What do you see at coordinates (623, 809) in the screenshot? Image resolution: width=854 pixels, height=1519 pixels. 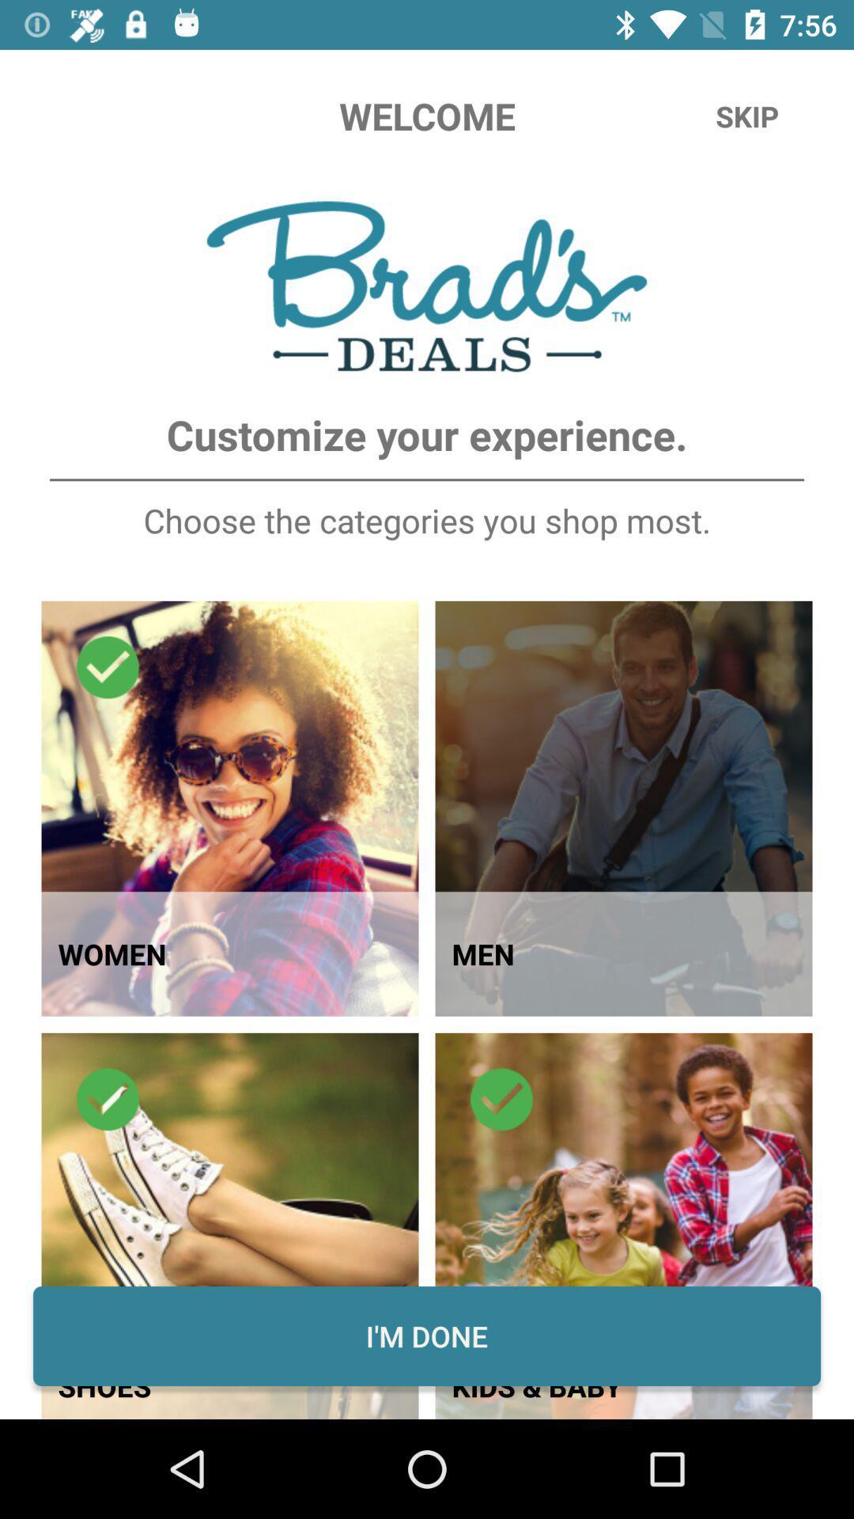 I see `the image which has the text men` at bounding box center [623, 809].